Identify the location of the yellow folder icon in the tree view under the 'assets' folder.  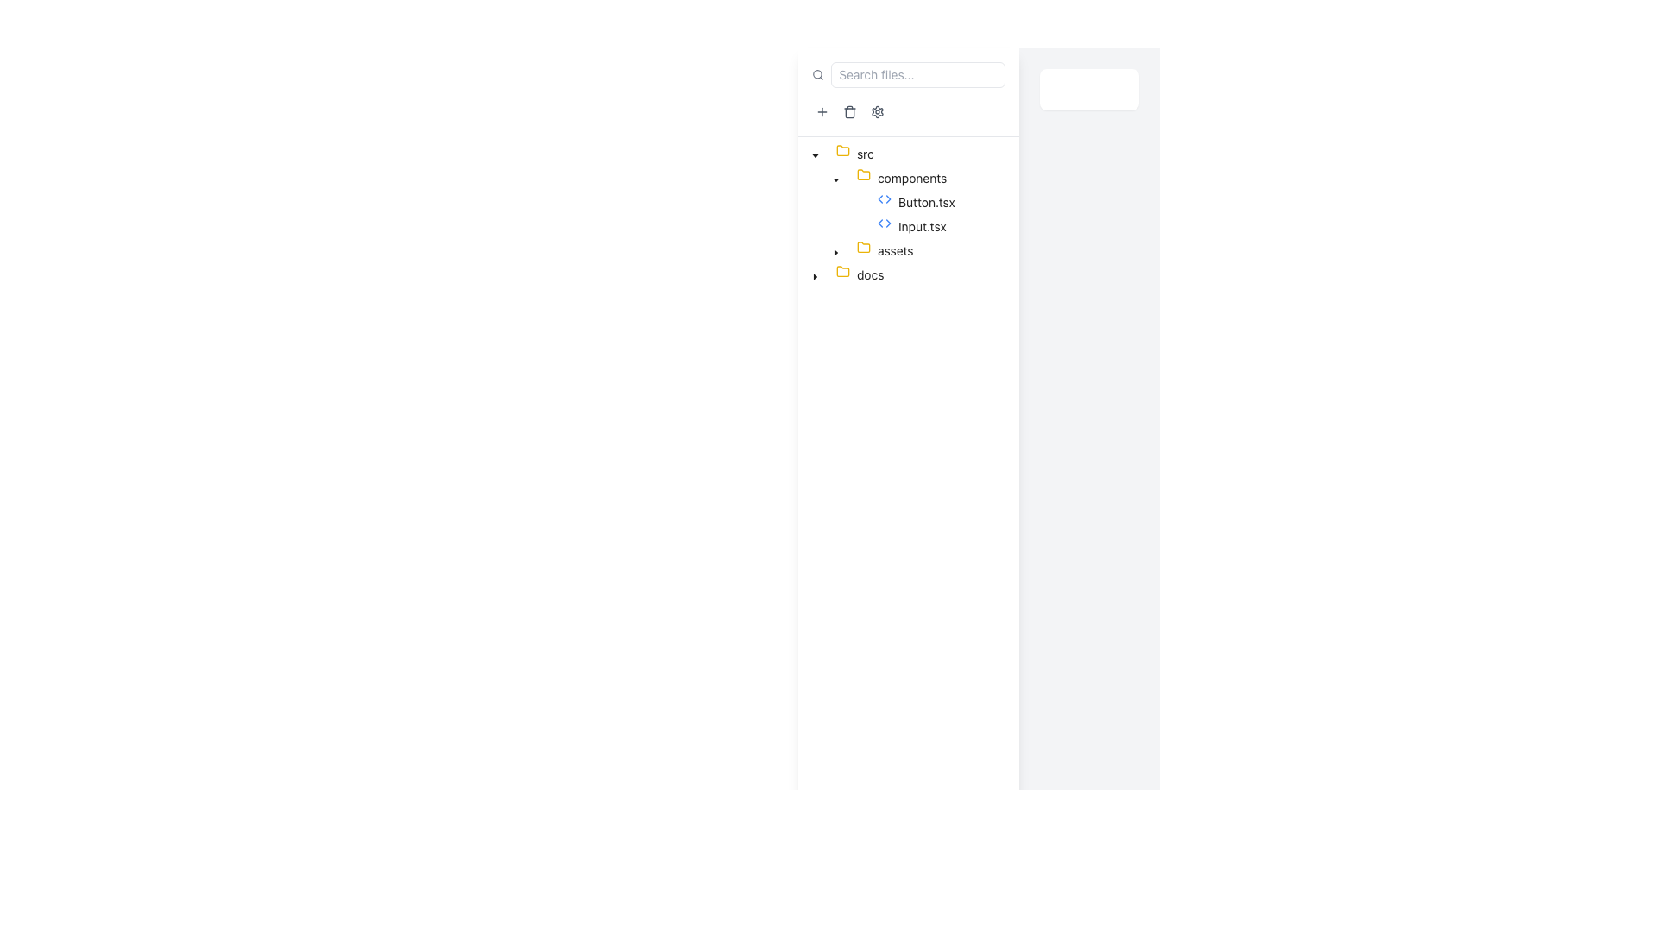
(866, 250).